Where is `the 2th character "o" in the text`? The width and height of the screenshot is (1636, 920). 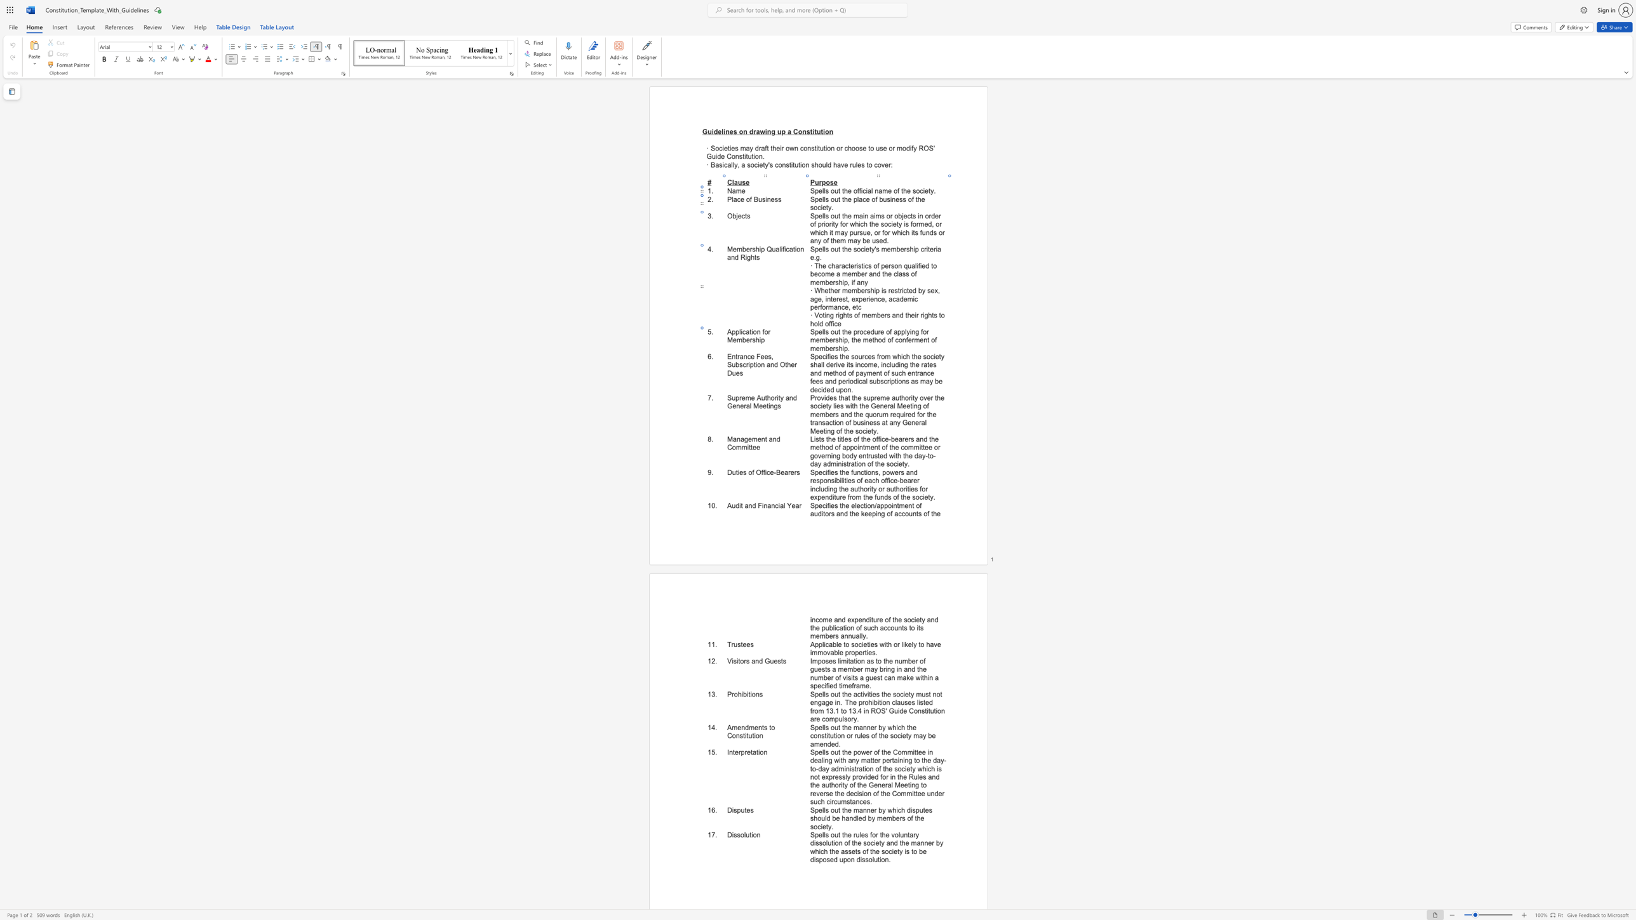 the 2th character "o" in the text is located at coordinates (855, 315).